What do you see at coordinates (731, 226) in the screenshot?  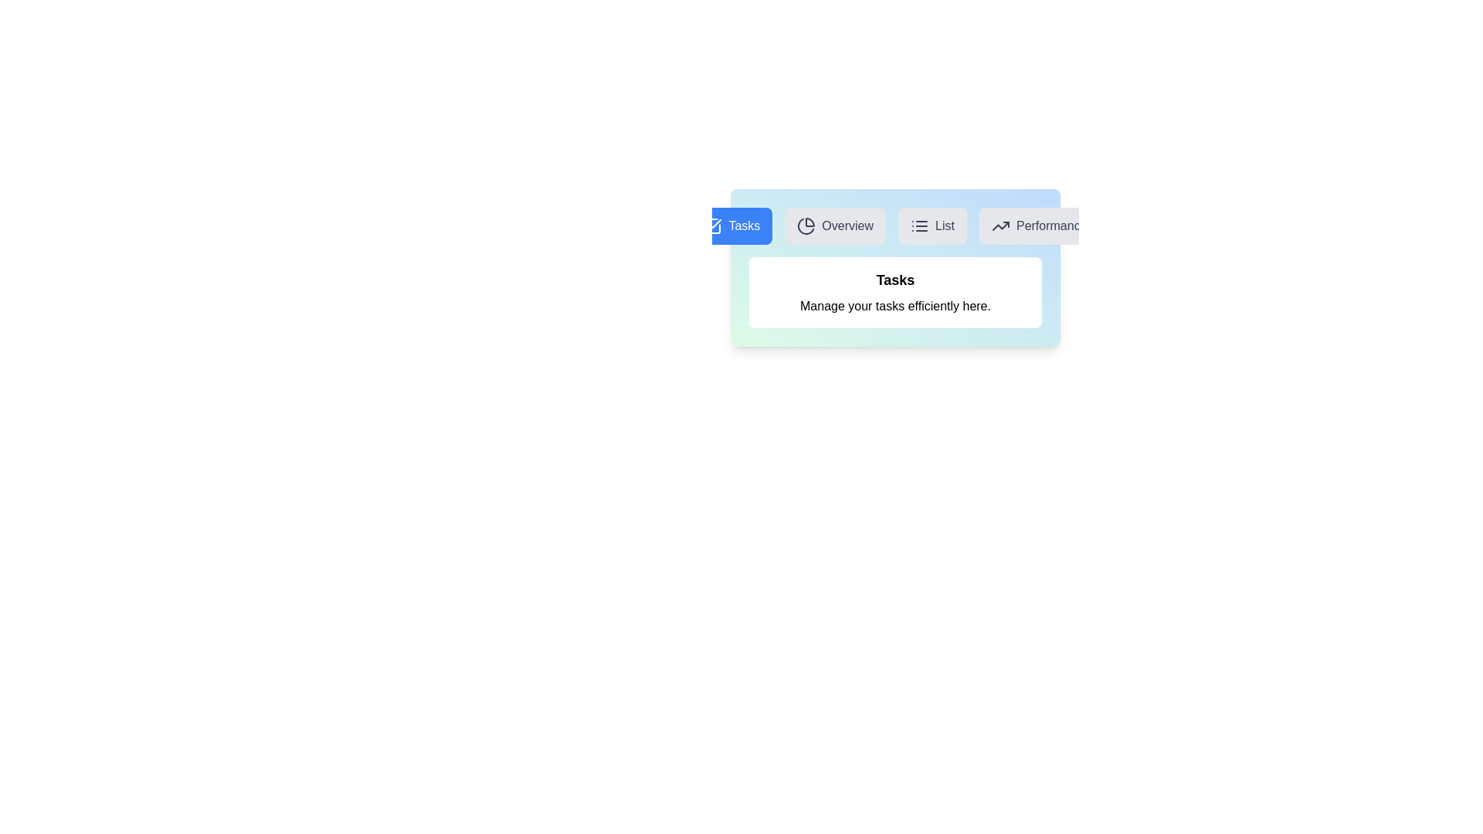 I see `the Tasks tab by clicking on its button` at bounding box center [731, 226].